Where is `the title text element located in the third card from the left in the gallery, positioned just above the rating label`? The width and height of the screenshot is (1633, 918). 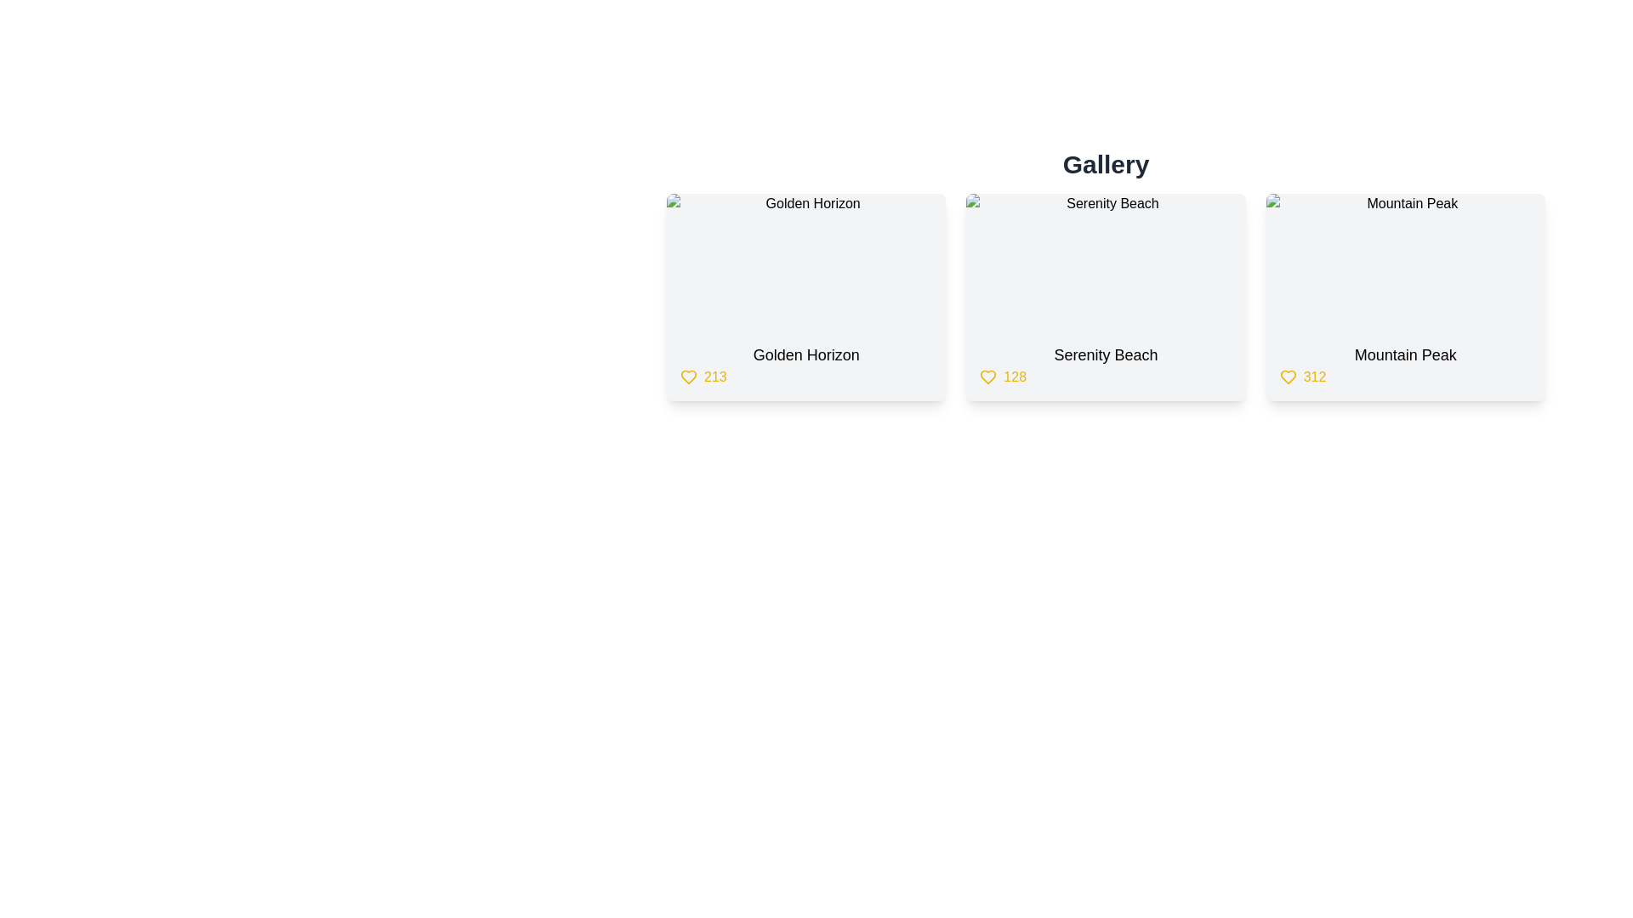
the title text element located in the third card from the left in the gallery, positioned just above the rating label is located at coordinates (1405, 354).